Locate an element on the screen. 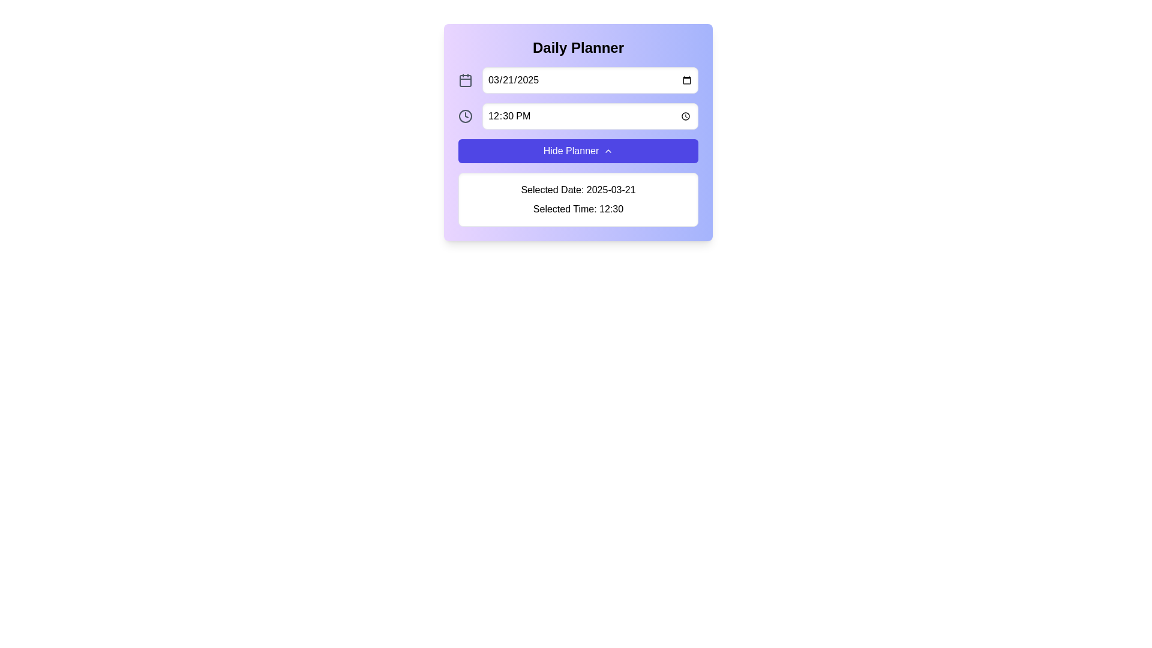  the rectangular icon element within the first calendar icon in the Date input field, which is to the left of the date input textbox labeled '03/21/2025' is located at coordinates (465, 81).